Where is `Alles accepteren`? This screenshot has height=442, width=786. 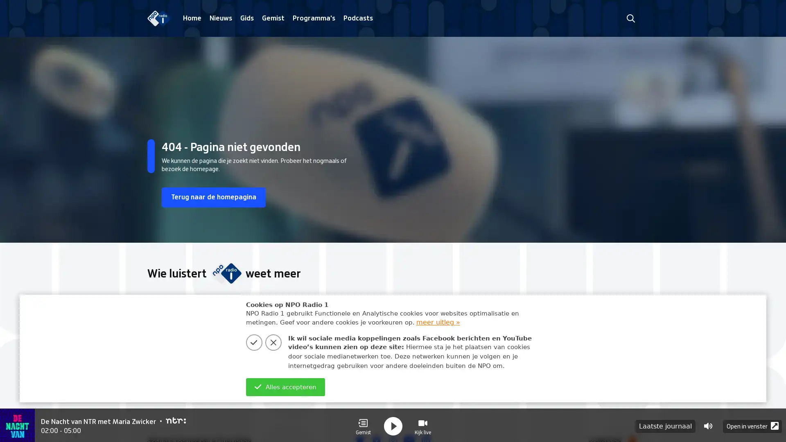
Alles accepteren is located at coordinates (285, 387).